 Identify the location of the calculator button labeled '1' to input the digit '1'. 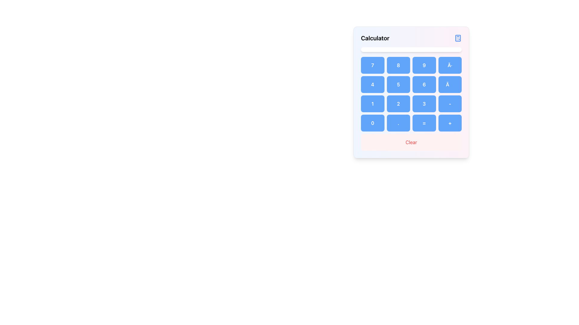
(372, 103).